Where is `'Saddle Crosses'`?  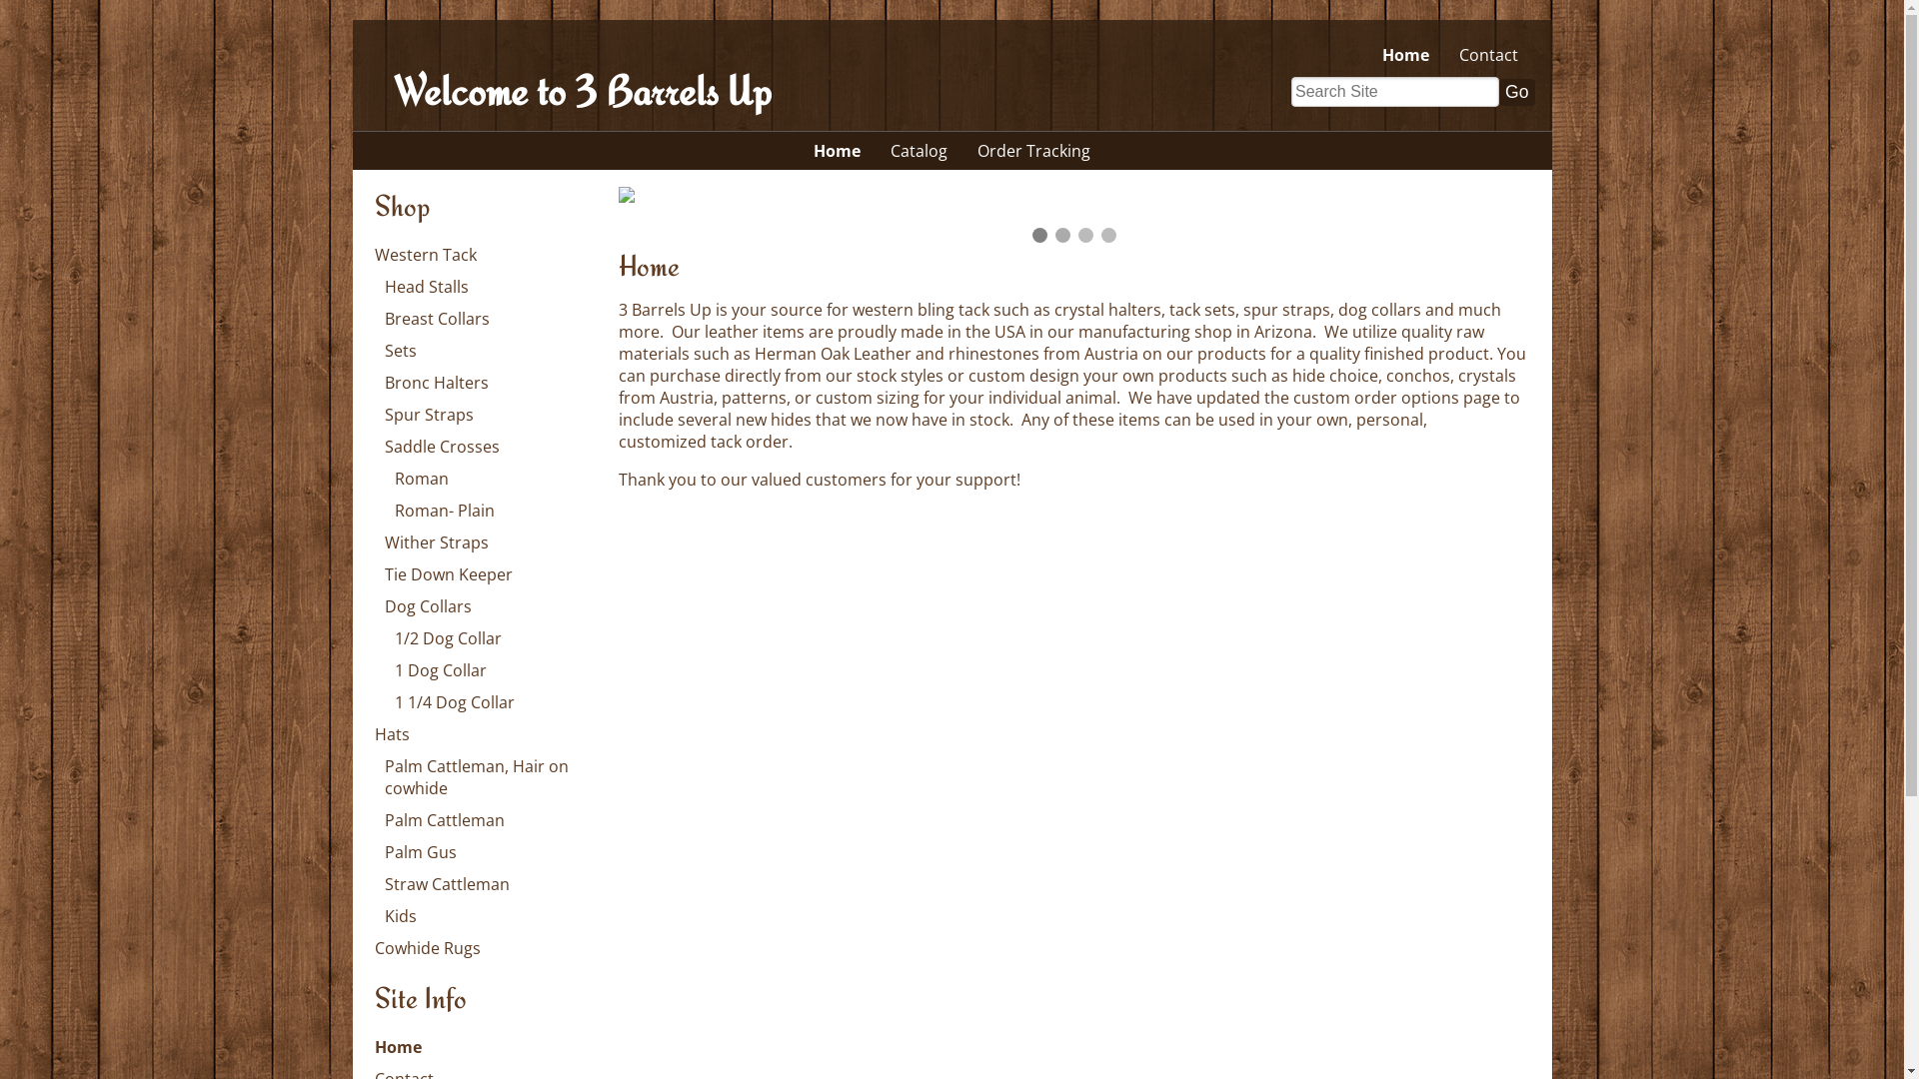
'Saddle Crosses' is located at coordinates (384, 446).